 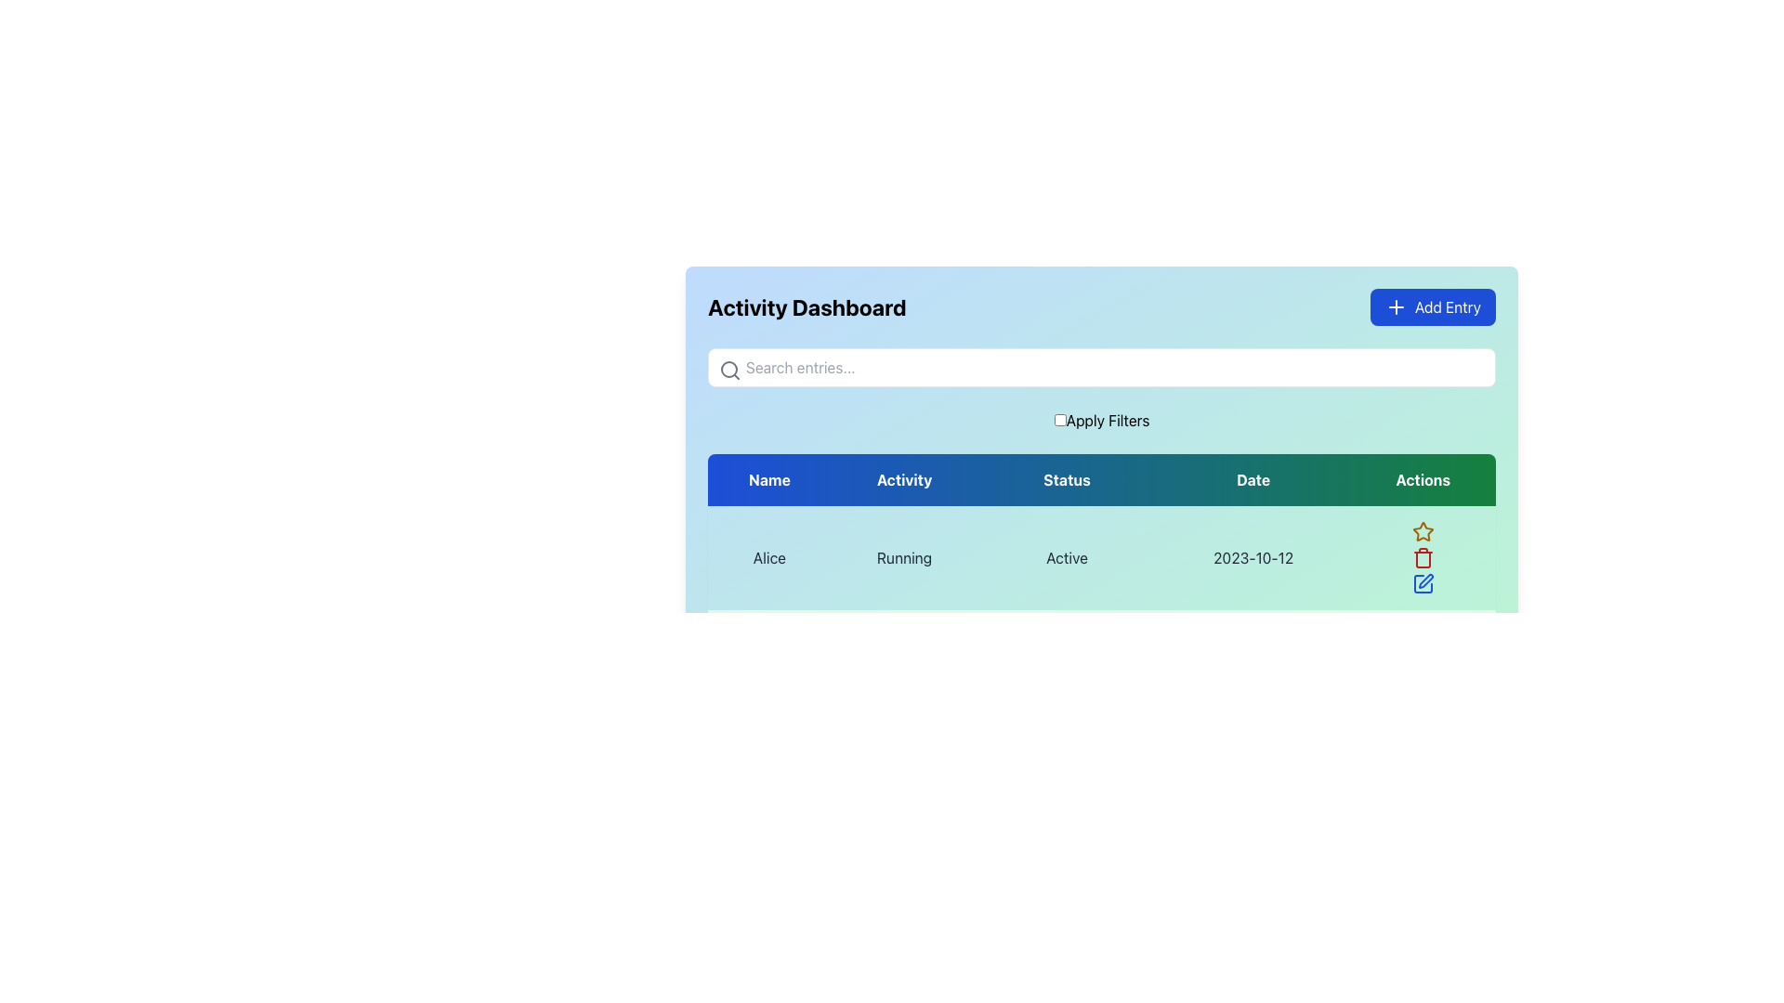 What do you see at coordinates (1067, 478) in the screenshot?
I see `the 'Status' header text element, which is the third column header in the table, located between 'Activity' and 'Date'` at bounding box center [1067, 478].